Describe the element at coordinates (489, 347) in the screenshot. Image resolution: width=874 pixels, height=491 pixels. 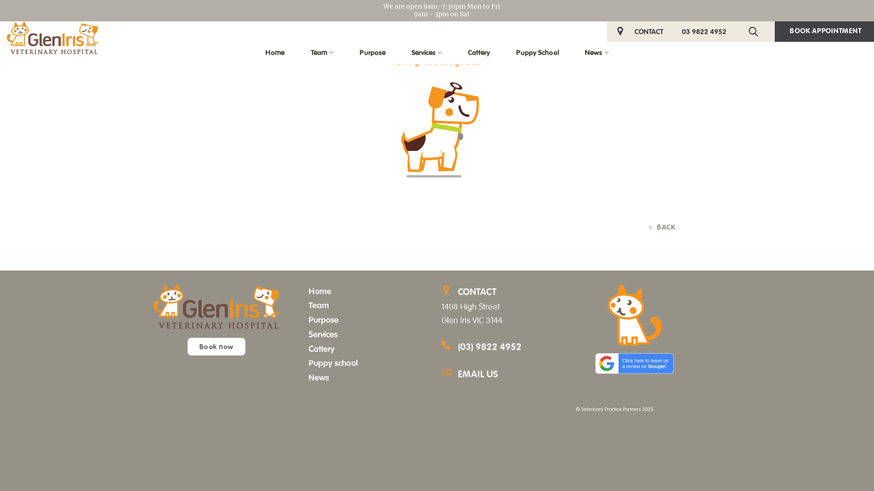
I see `'(03) 9822 4952'` at that location.